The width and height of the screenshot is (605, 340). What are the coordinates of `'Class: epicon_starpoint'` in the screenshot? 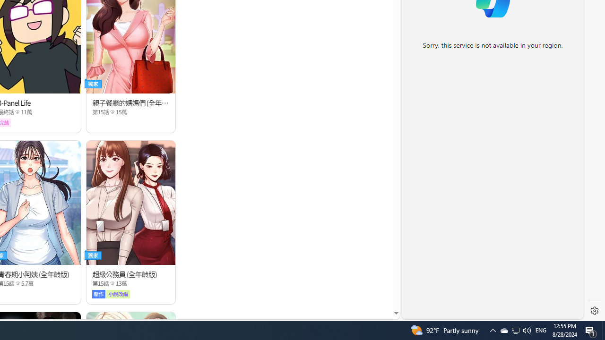 It's located at (112, 283).